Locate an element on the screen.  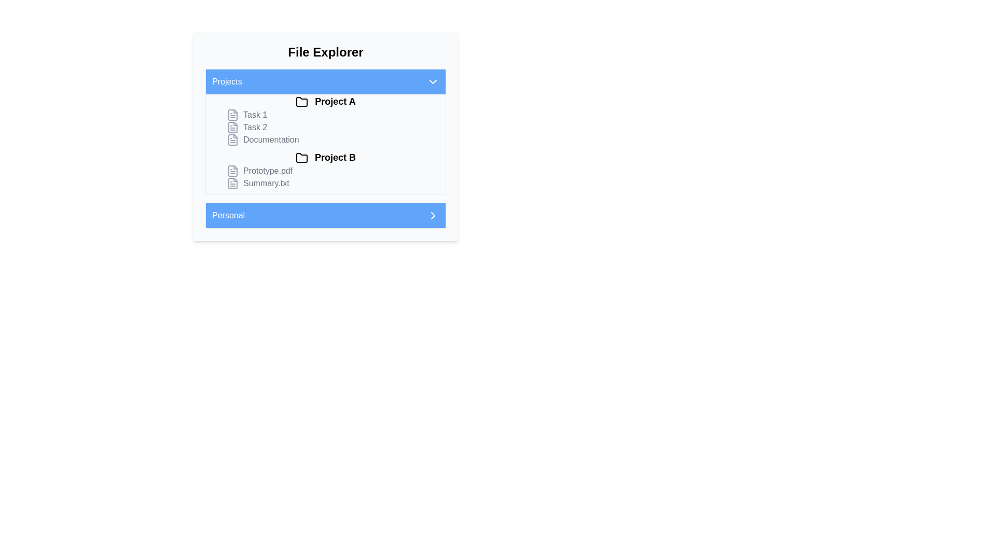
the accompanying icon for the project category label located at the top of the 'Projects' section in the File Explorer is located at coordinates (325, 102).